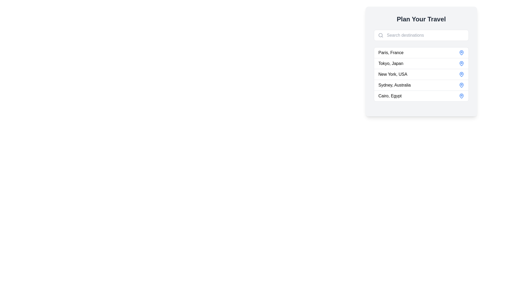 This screenshot has height=285, width=507. What do you see at coordinates (391, 53) in the screenshot?
I see `the destination label 'Paris, France'` at bounding box center [391, 53].